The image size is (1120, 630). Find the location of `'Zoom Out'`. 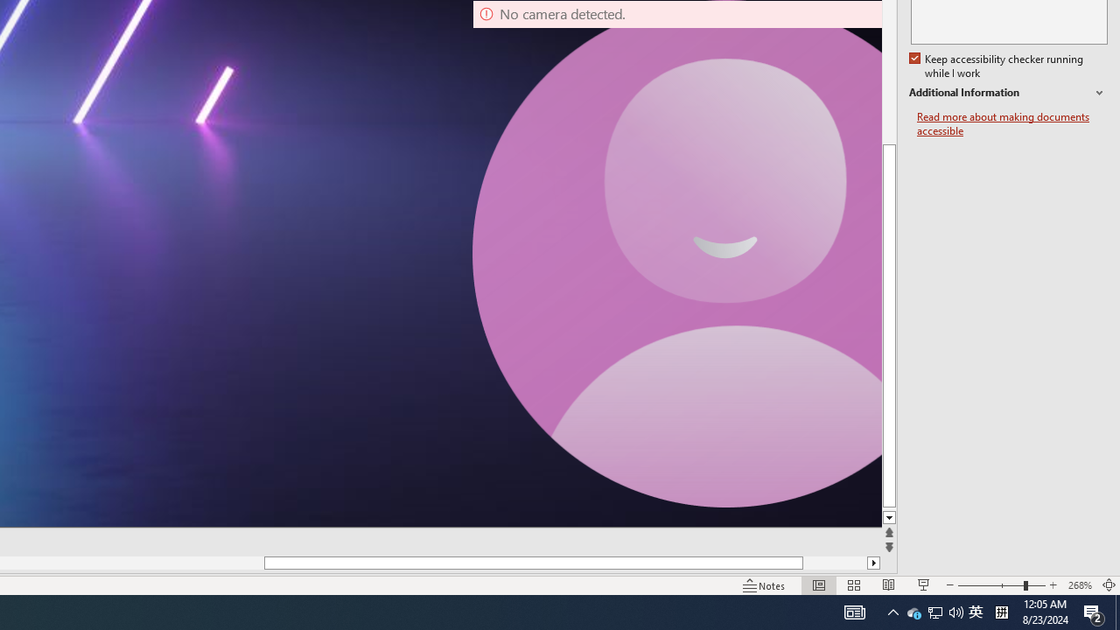

'Zoom Out' is located at coordinates (990, 585).